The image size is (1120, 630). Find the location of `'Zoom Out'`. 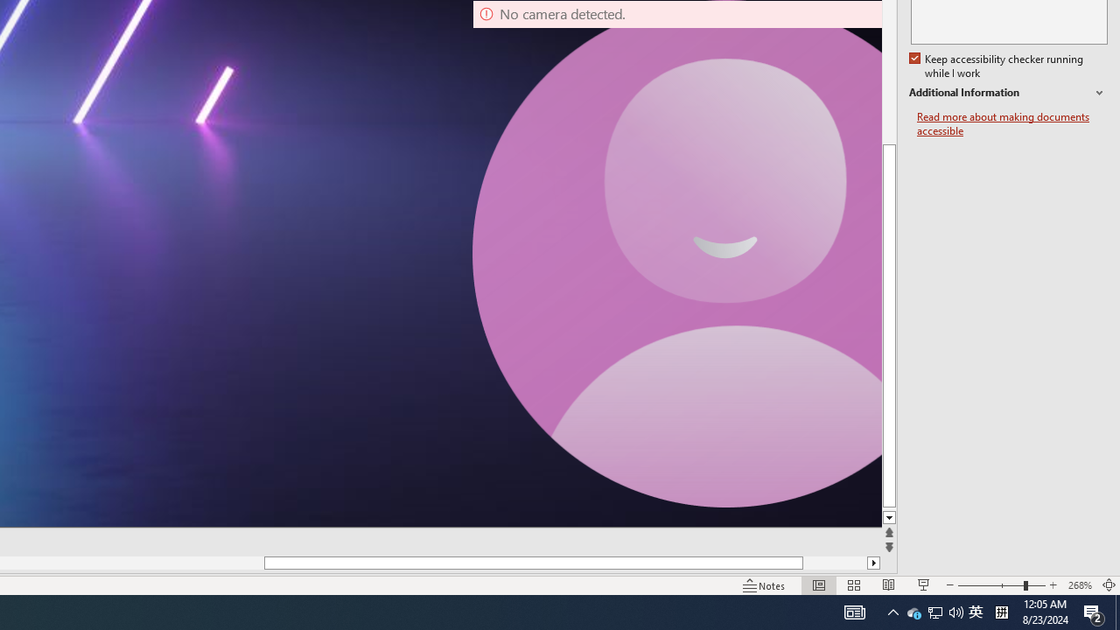

'Zoom Out' is located at coordinates (990, 585).